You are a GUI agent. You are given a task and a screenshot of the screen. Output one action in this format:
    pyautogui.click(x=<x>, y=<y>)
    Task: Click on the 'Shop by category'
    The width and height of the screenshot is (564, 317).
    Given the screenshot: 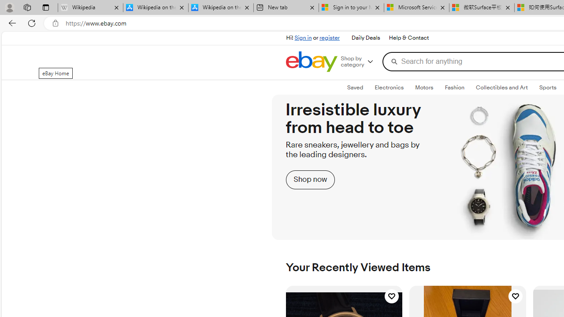 What is the action you would take?
    pyautogui.click(x=360, y=61)
    